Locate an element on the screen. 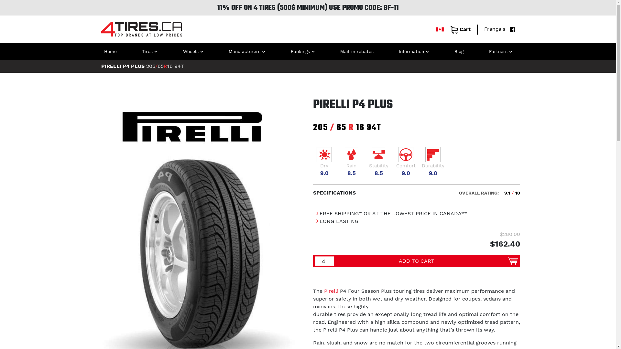 Image resolution: width=621 pixels, height=349 pixels. 'Facebook' is located at coordinates (506, 28).